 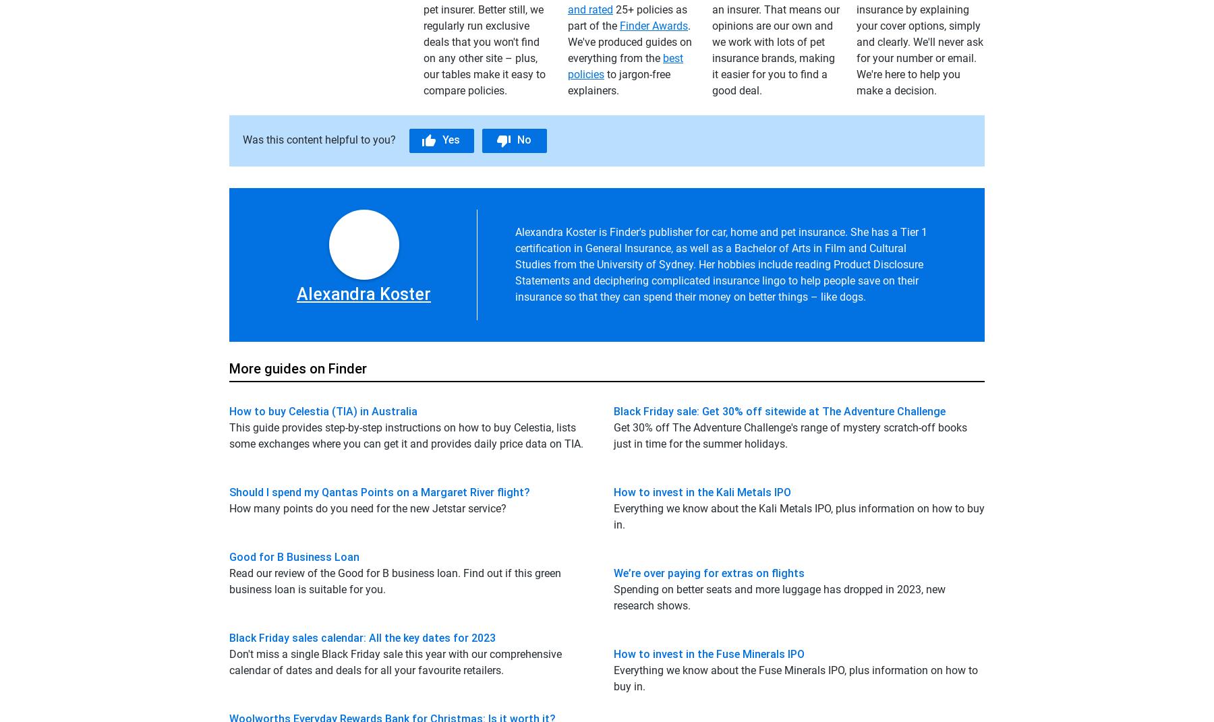 What do you see at coordinates (798, 516) in the screenshot?
I see `'Everything we know about the Kali Metals IPO, plus information on how to buy in.'` at bounding box center [798, 516].